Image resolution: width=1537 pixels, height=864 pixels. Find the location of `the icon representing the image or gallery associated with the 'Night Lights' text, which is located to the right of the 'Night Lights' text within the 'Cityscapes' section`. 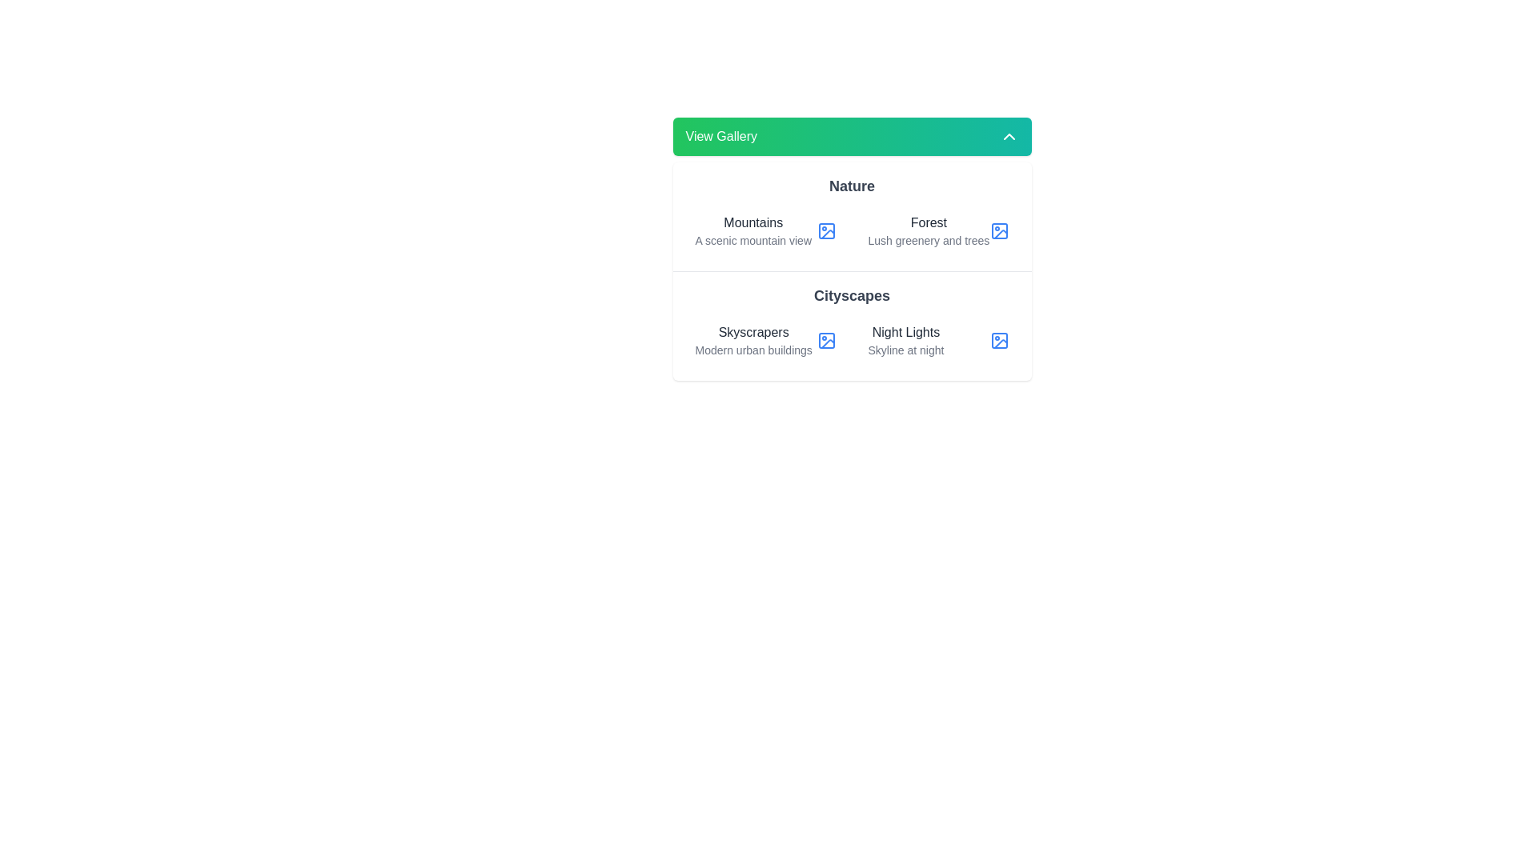

the icon representing the image or gallery associated with the 'Night Lights' text, which is located to the right of the 'Night Lights' text within the 'Cityscapes' section is located at coordinates (998, 339).